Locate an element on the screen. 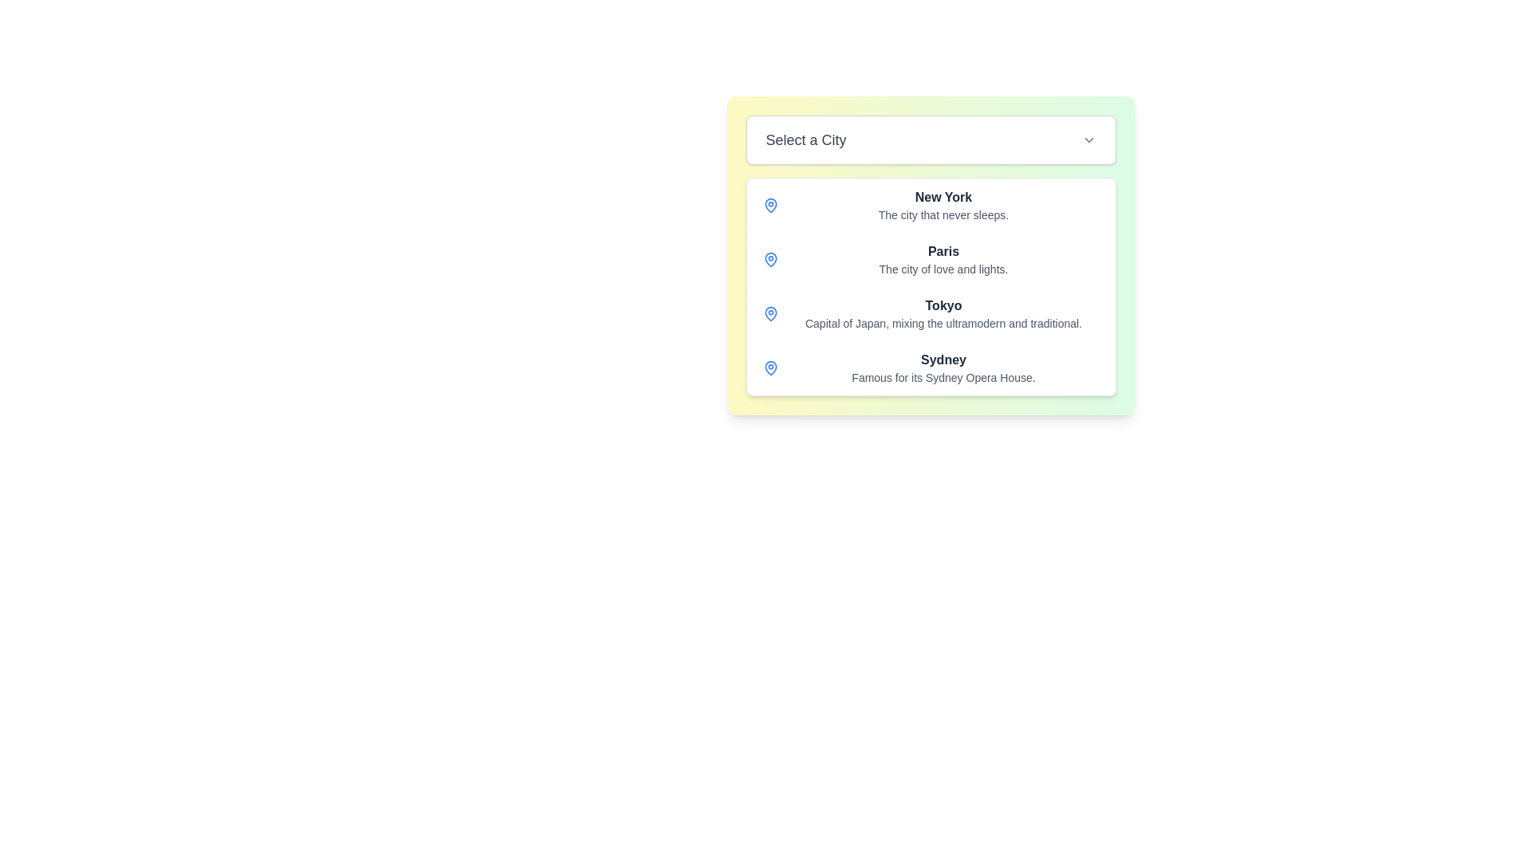 The width and height of the screenshot is (1531, 861). the icon that indicates the location-related context of the 'New York' list item in the dropdown menu is located at coordinates (770, 205).